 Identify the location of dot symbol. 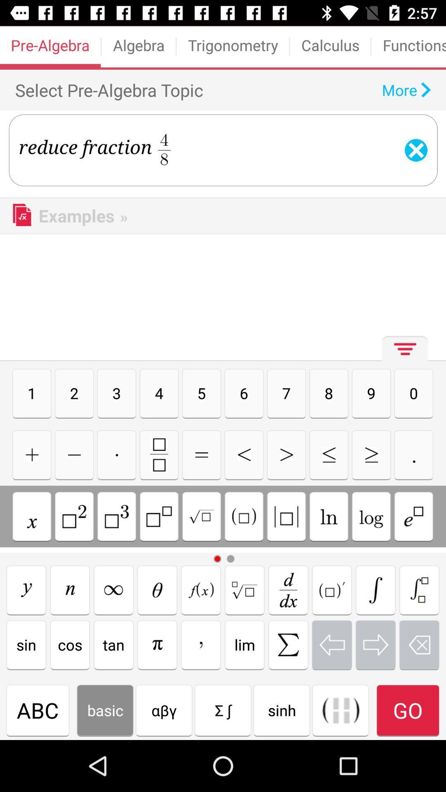
(116, 454).